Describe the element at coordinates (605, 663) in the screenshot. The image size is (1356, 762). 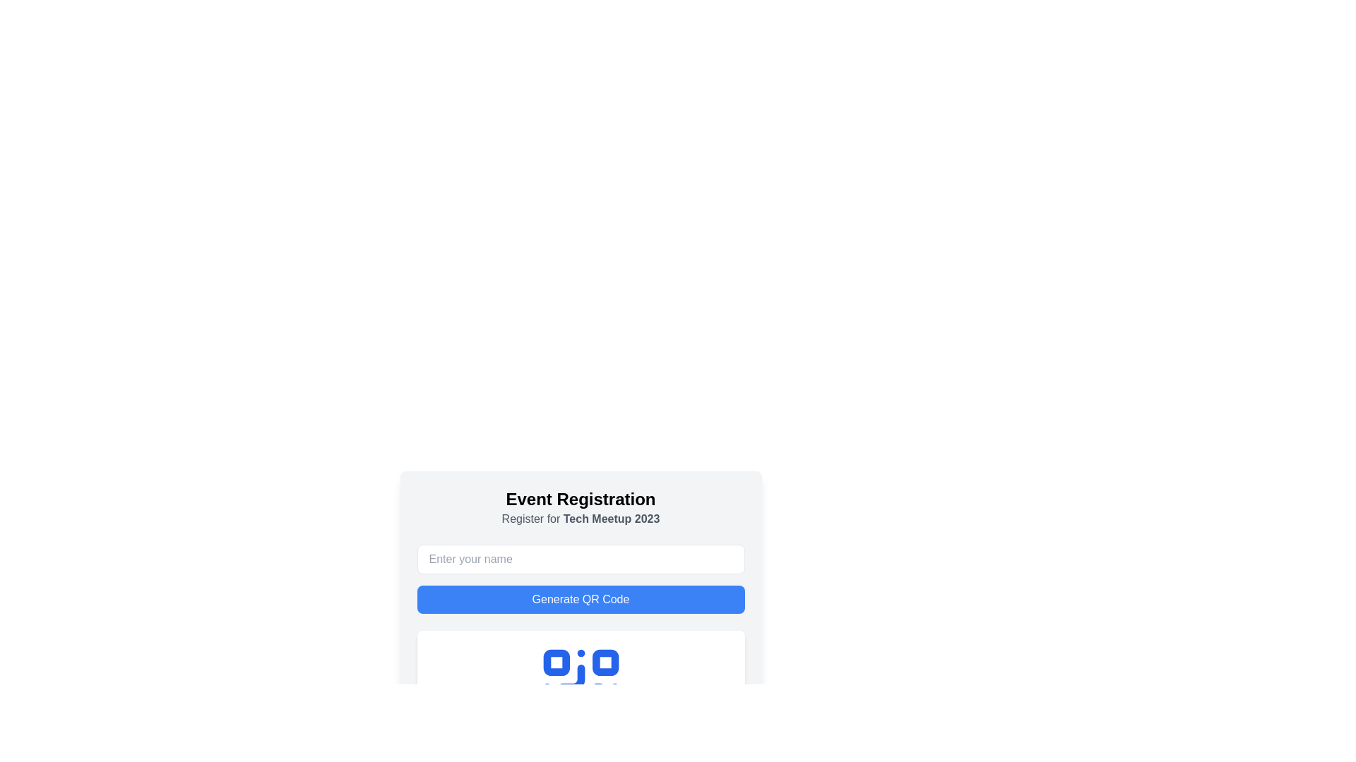
I see `the second small square from the left in the top row of the QR code pattern, which is a decorative graphic element contributing to the visual representation of the QR code` at that location.